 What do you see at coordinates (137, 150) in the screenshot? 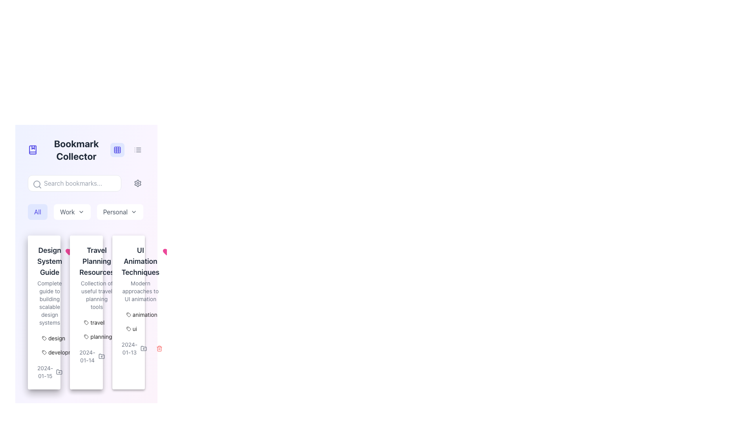
I see `the small rectangular button with a list icon` at bounding box center [137, 150].